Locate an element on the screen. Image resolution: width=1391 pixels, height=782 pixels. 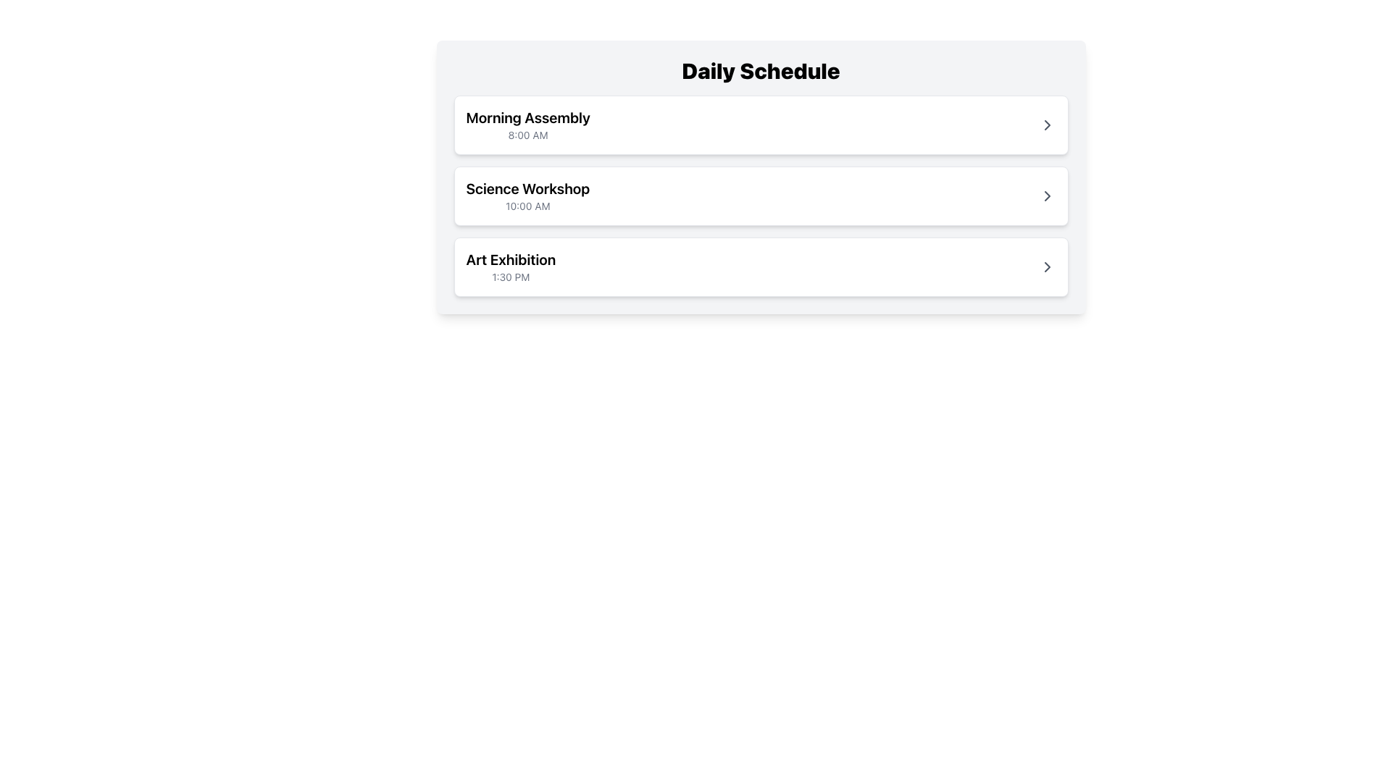
text label displaying '8:00 AM' located beneath the 'Morning Assembly' title in the first card of the 'Daily Schedule' list is located at coordinates (527, 135).